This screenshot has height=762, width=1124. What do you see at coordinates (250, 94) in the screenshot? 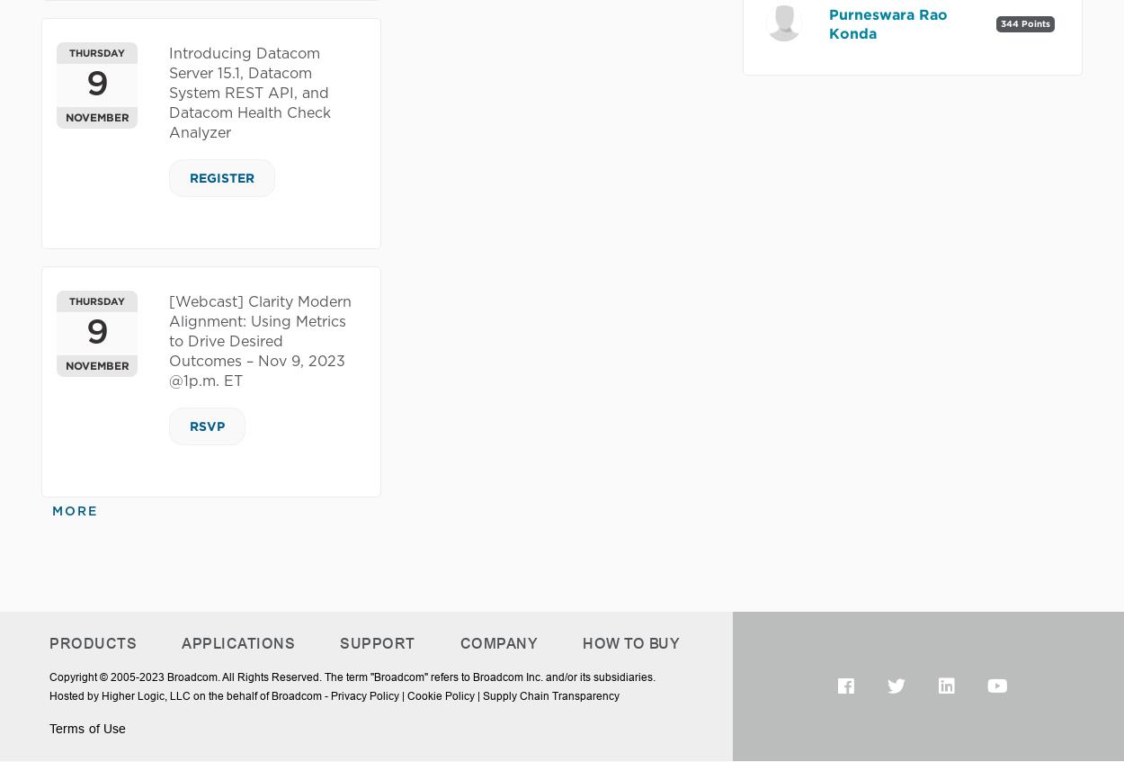
I see `'Introducing Datacom Server 15.1, Datacom System REST API, and Datacom Health Check Analyzer'` at bounding box center [250, 94].